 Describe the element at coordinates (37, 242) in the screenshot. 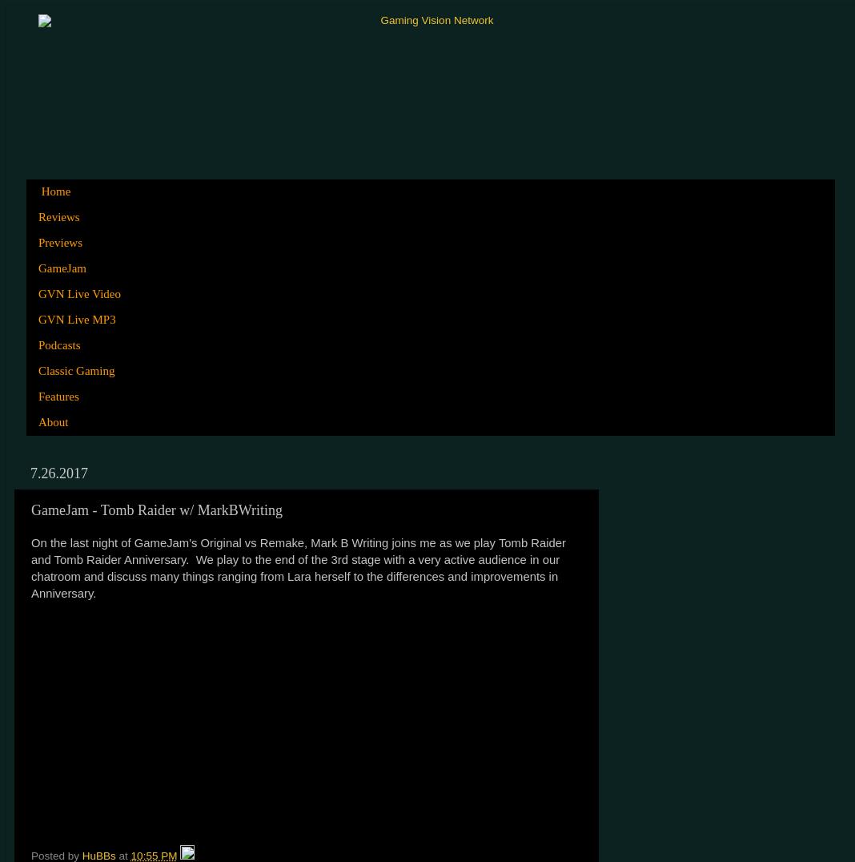

I see `'Previews'` at that location.